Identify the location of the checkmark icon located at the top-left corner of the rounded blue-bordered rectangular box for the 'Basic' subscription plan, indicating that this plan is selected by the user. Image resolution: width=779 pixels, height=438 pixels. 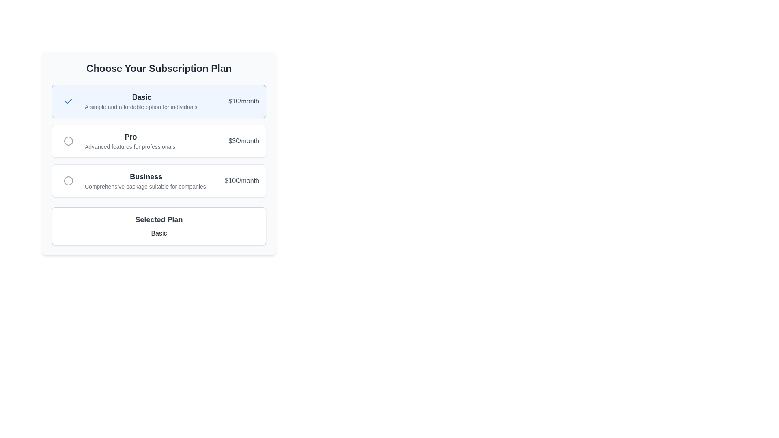
(68, 101).